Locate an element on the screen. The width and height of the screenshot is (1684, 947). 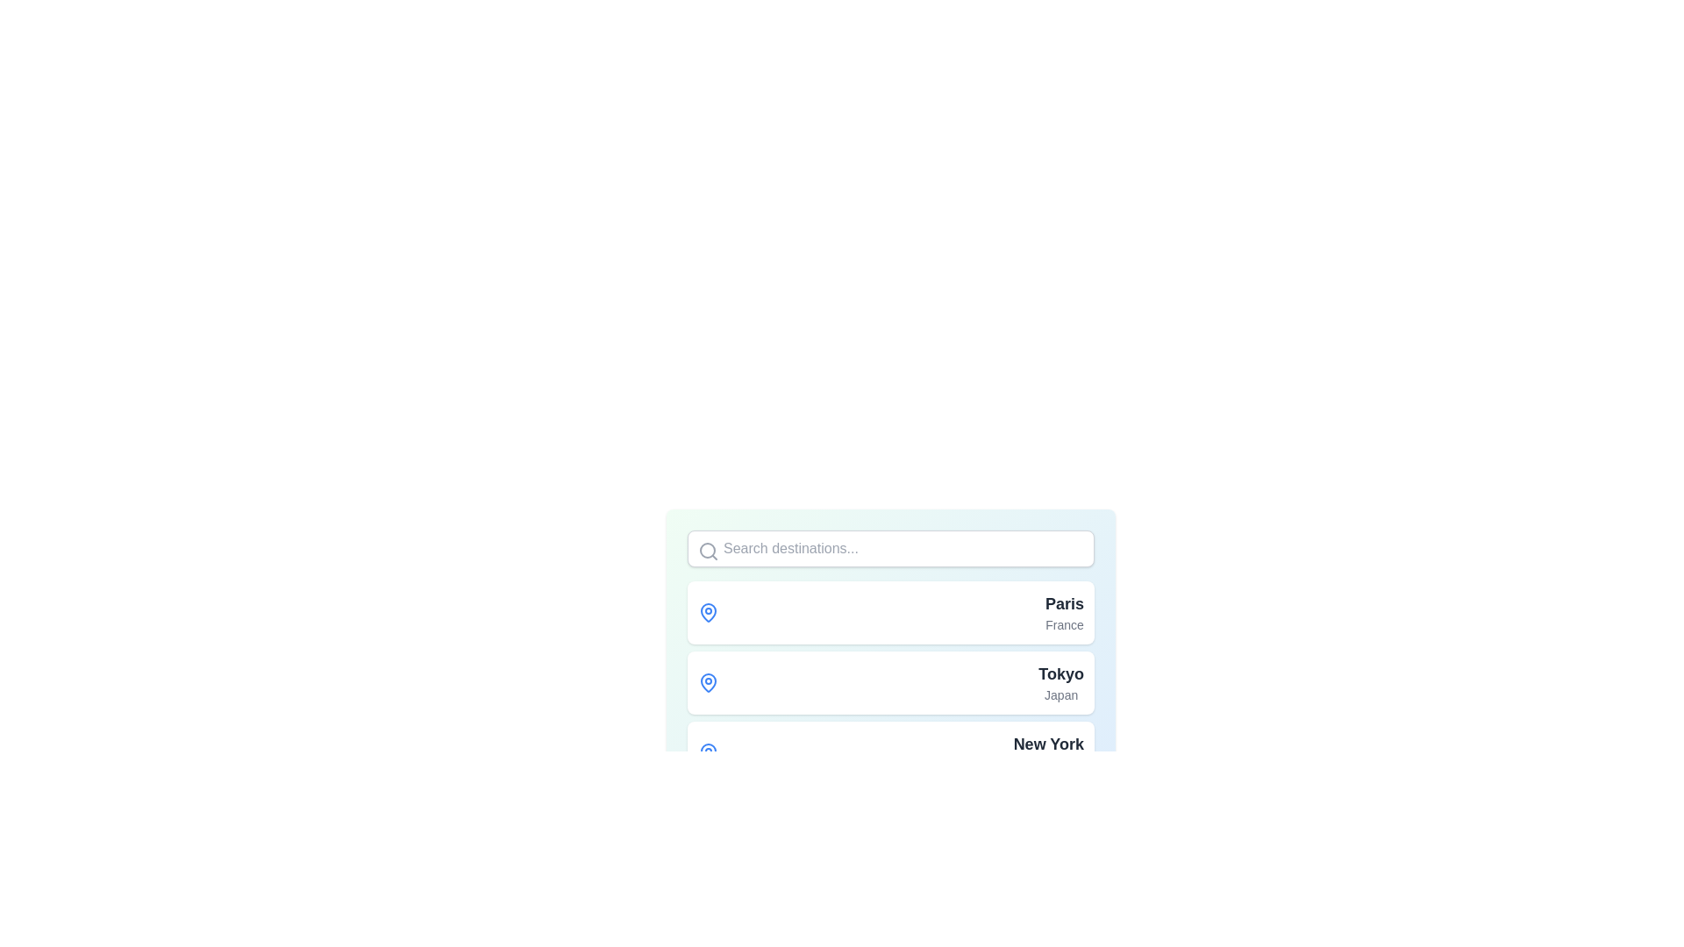
the Text Label indicating the country associated with the city name 'Paris', which is positioned immediately below 'Paris' and aligned to its left edge is located at coordinates (1064, 624).